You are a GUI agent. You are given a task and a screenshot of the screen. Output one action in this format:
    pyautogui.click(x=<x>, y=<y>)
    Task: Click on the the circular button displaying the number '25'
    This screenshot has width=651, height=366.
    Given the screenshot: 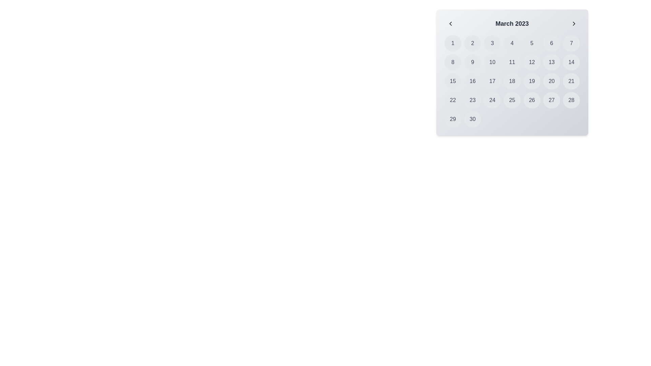 What is the action you would take?
    pyautogui.click(x=512, y=100)
    